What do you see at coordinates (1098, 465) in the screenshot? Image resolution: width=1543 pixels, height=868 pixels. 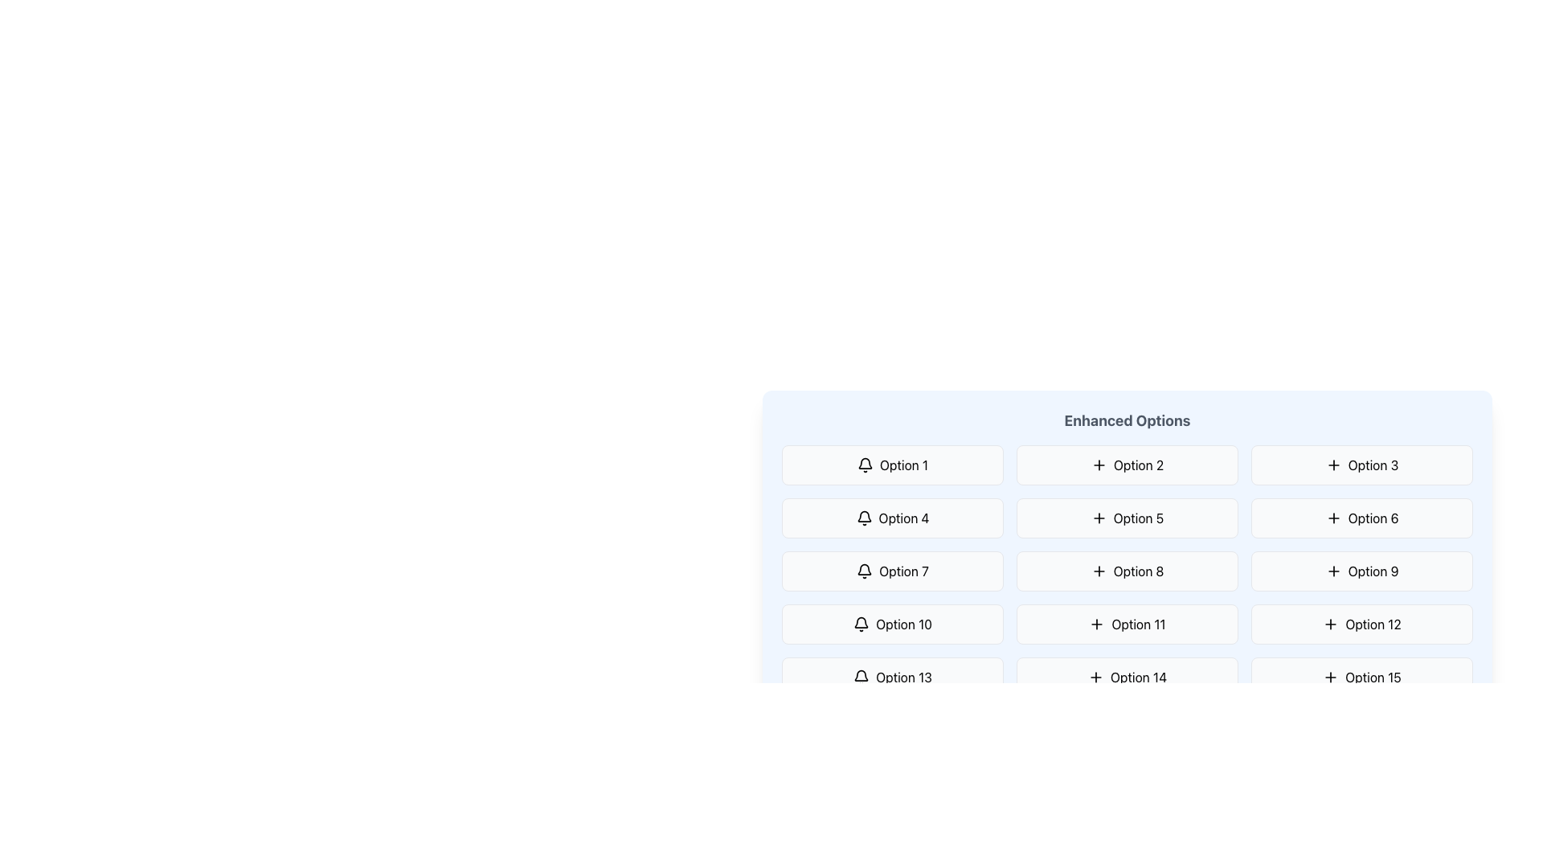 I see `the plus icon located to the left of the text label 'Option 2' within the 'Enhanced Options' grid layout` at bounding box center [1098, 465].